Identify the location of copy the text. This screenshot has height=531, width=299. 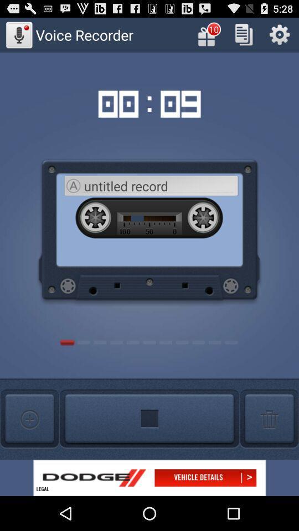
(244, 34).